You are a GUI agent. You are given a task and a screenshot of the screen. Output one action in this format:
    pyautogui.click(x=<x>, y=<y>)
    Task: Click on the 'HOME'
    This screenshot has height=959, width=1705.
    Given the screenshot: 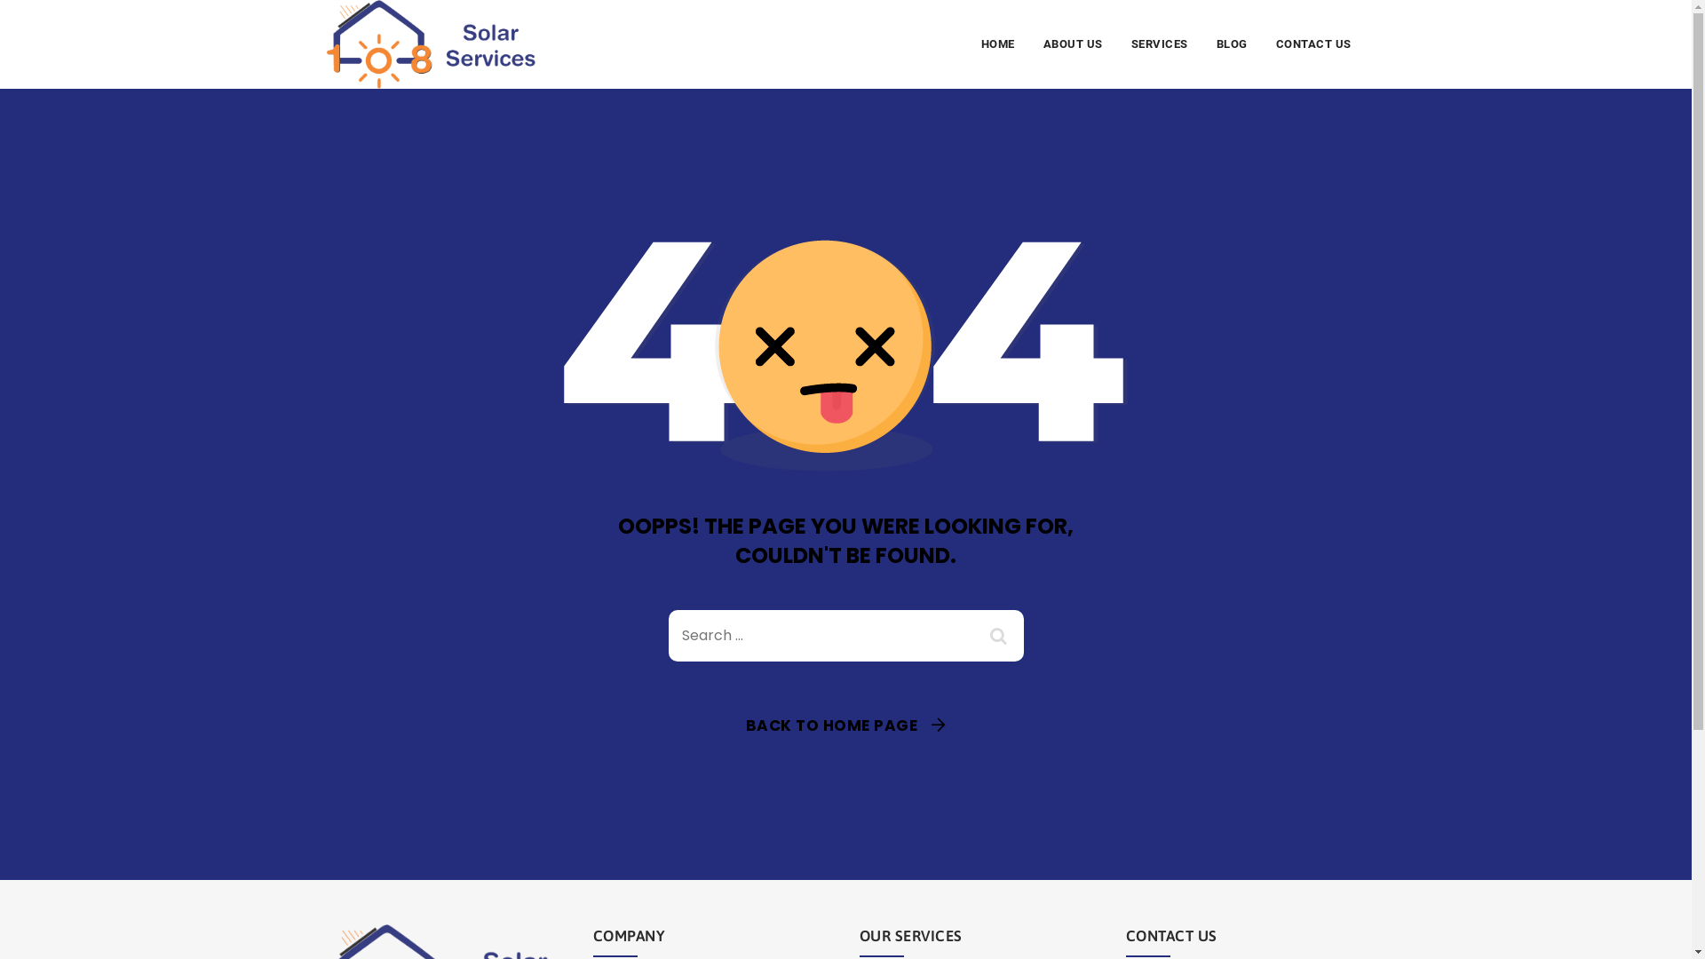 What is the action you would take?
    pyautogui.click(x=997, y=44)
    